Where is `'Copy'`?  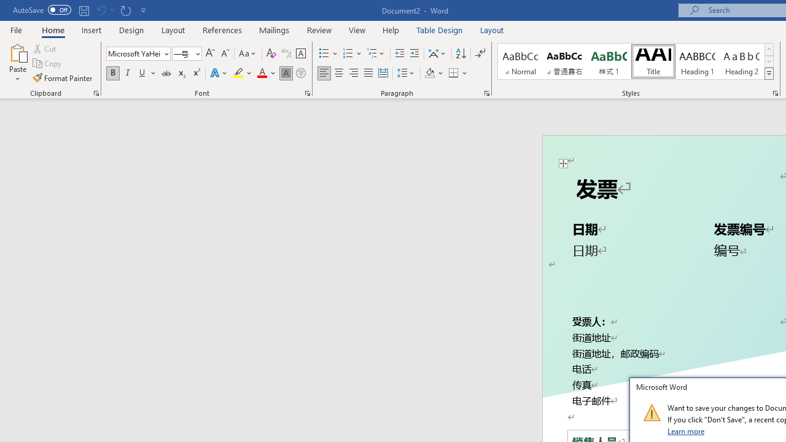 'Copy' is located at coordinates (48, 63).